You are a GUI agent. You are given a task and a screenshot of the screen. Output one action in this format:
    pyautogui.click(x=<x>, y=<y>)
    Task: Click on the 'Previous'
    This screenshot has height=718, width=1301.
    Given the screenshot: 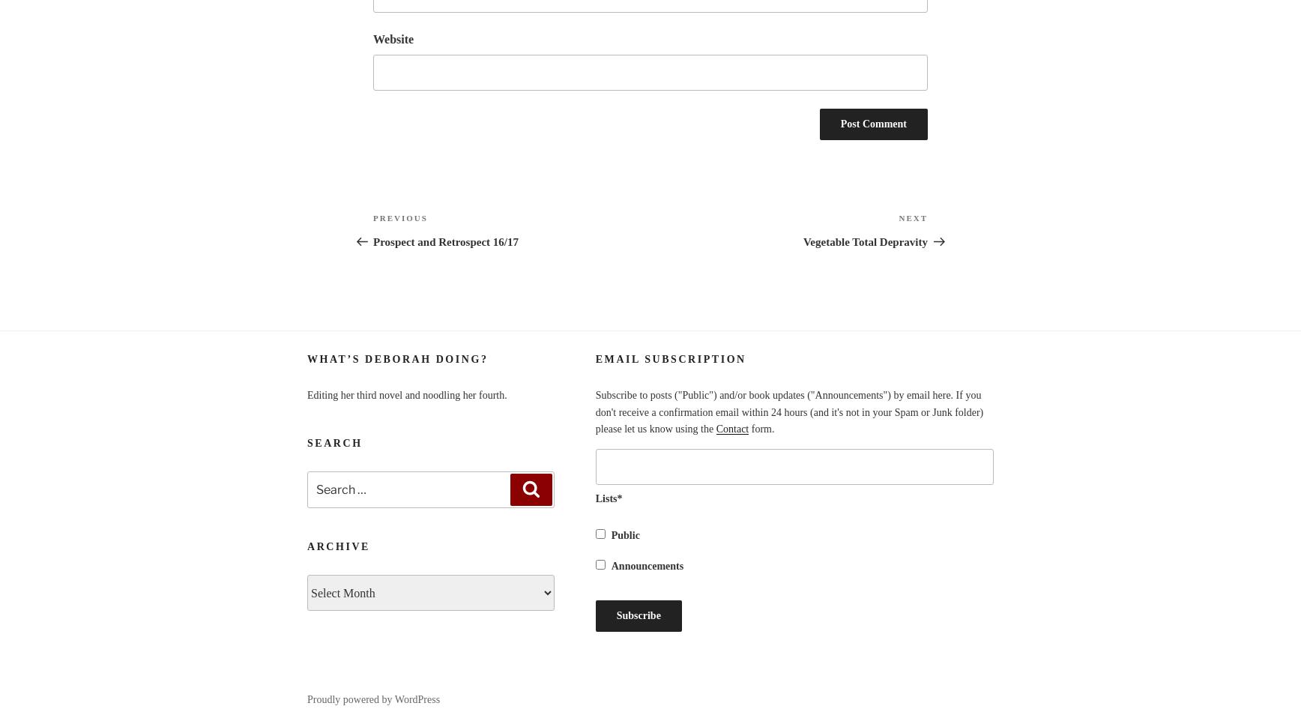 What is the action you would take?
    pyautogui.click(x=399, y=218)
    